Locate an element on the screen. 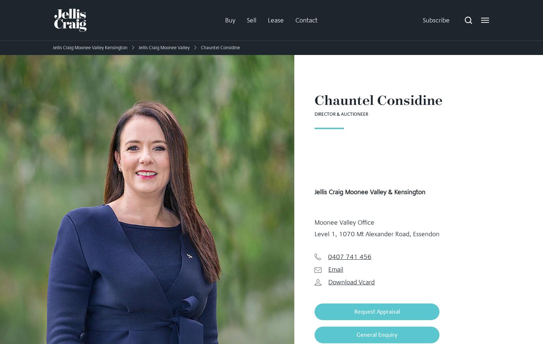 Image resolution: width=543 pixels, height=344 pixels. 'Contact' is located at coordinates (306, 20).